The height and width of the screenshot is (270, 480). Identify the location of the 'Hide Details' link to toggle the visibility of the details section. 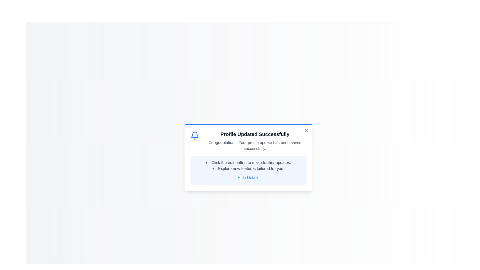
(248, 177).